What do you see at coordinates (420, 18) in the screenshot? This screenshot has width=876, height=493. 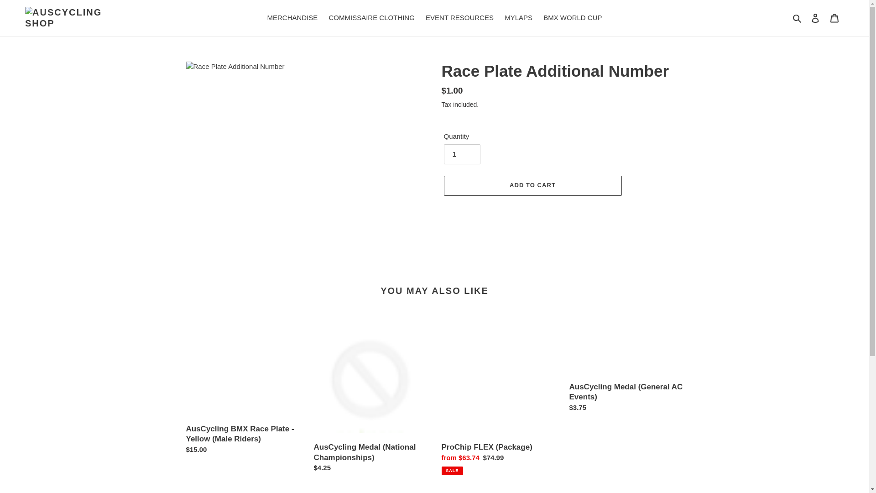 I see `'EVENT RESOURCES'` at bounding box center [420, 18].